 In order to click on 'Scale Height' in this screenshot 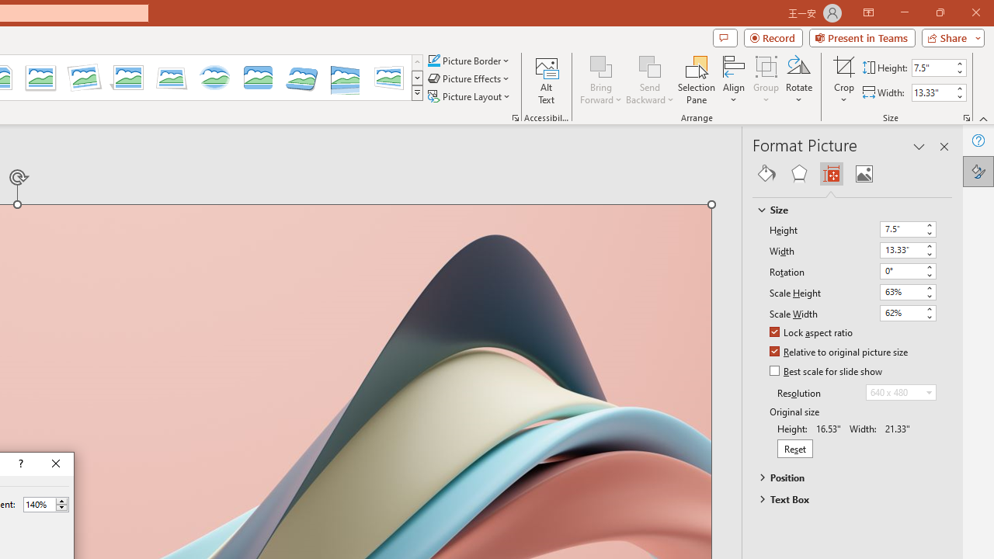, I will do `click(908, 292)`.